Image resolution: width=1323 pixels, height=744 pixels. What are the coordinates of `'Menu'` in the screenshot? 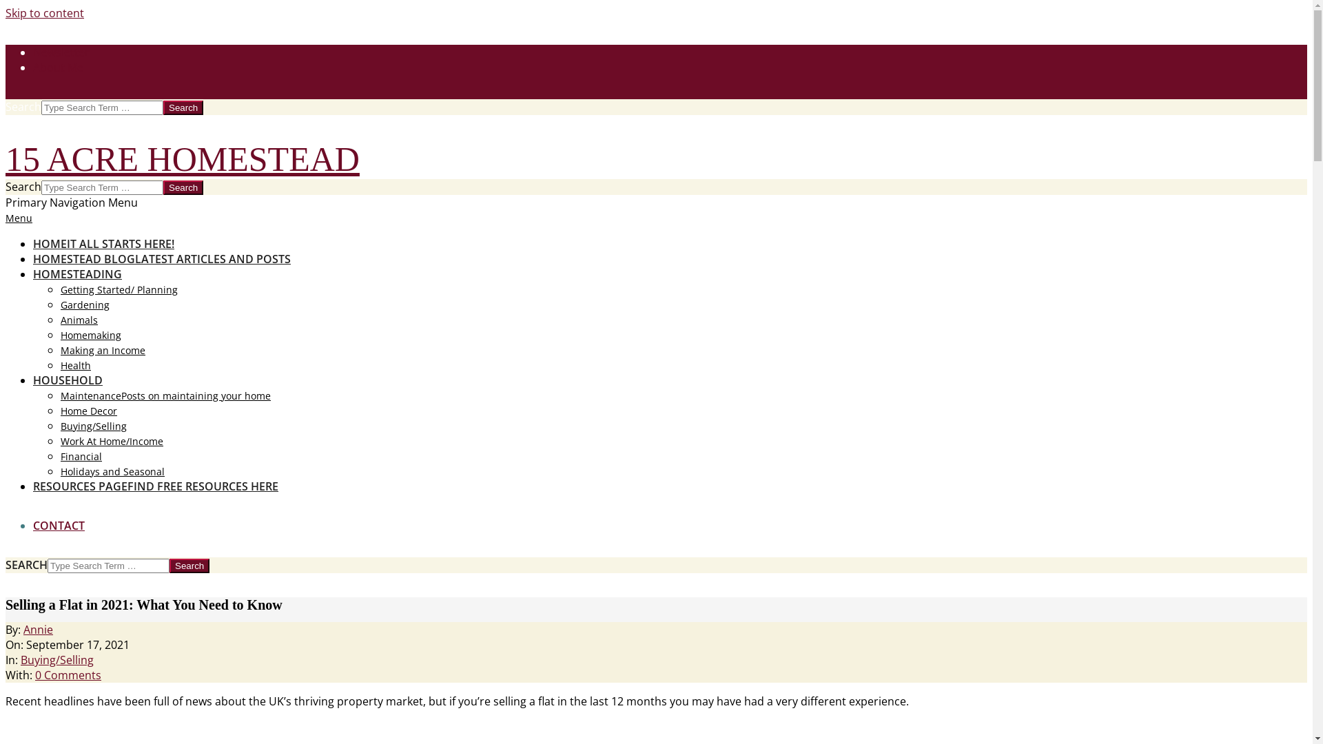 It's located at (6, 217).